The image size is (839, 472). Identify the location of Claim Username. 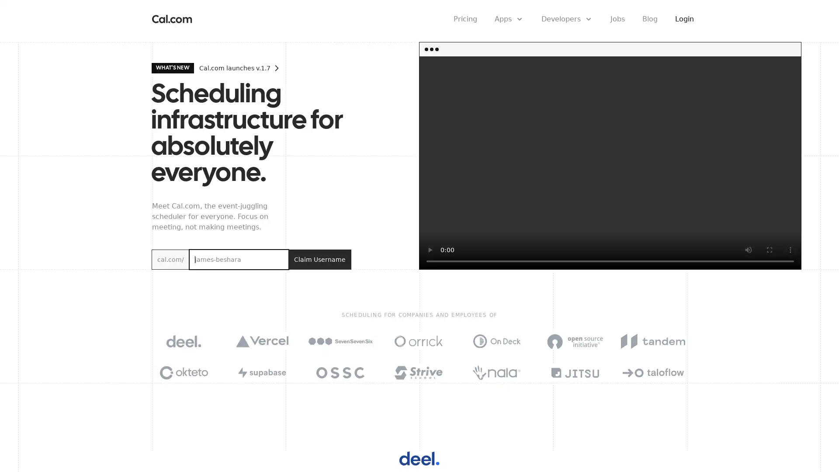
(319, 259).